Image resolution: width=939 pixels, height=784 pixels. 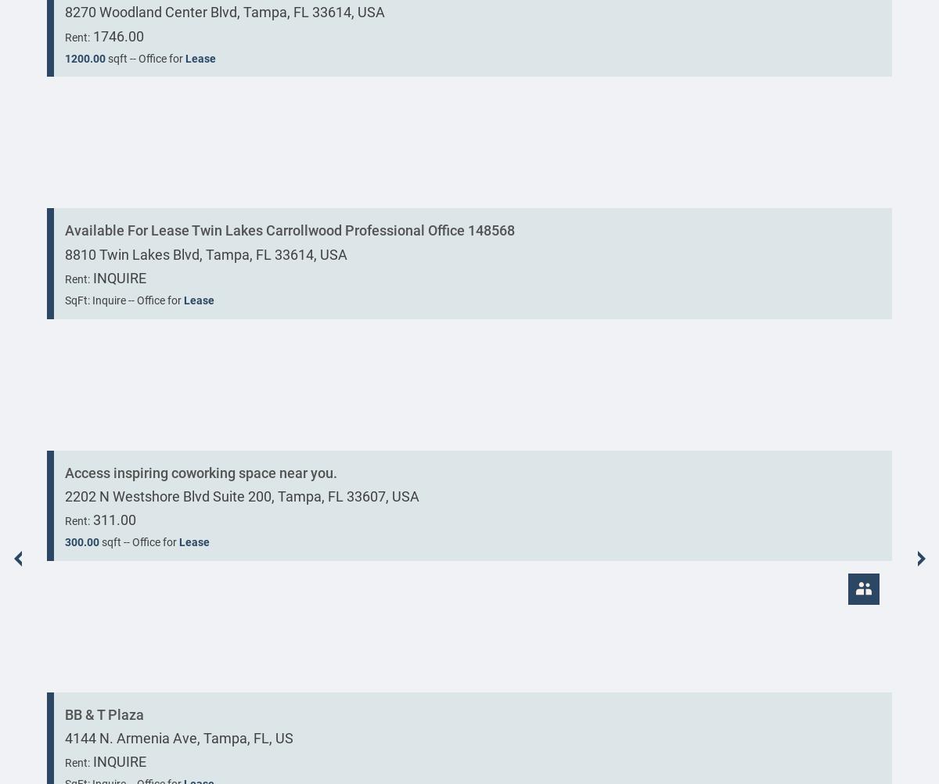 I want to click on '311.00', so click(x=114, y=518).